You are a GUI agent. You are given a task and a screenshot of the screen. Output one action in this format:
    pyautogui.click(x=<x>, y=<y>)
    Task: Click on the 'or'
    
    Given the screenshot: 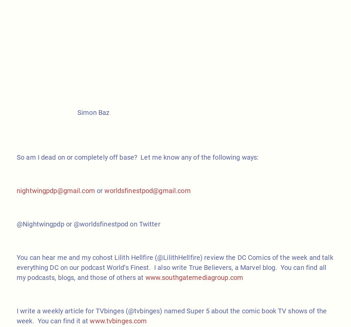 What is the action you would take?
    pyautogui.click(x=95, y=190)
    